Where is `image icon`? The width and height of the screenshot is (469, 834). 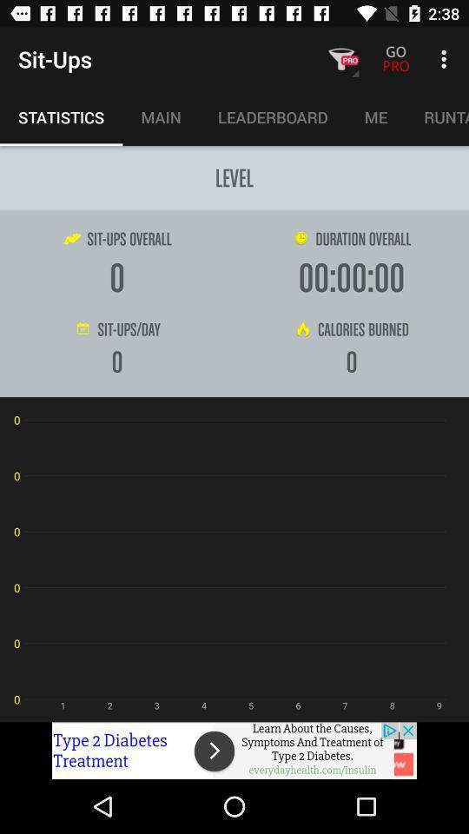 image icon is located at coordinates (234, 750).